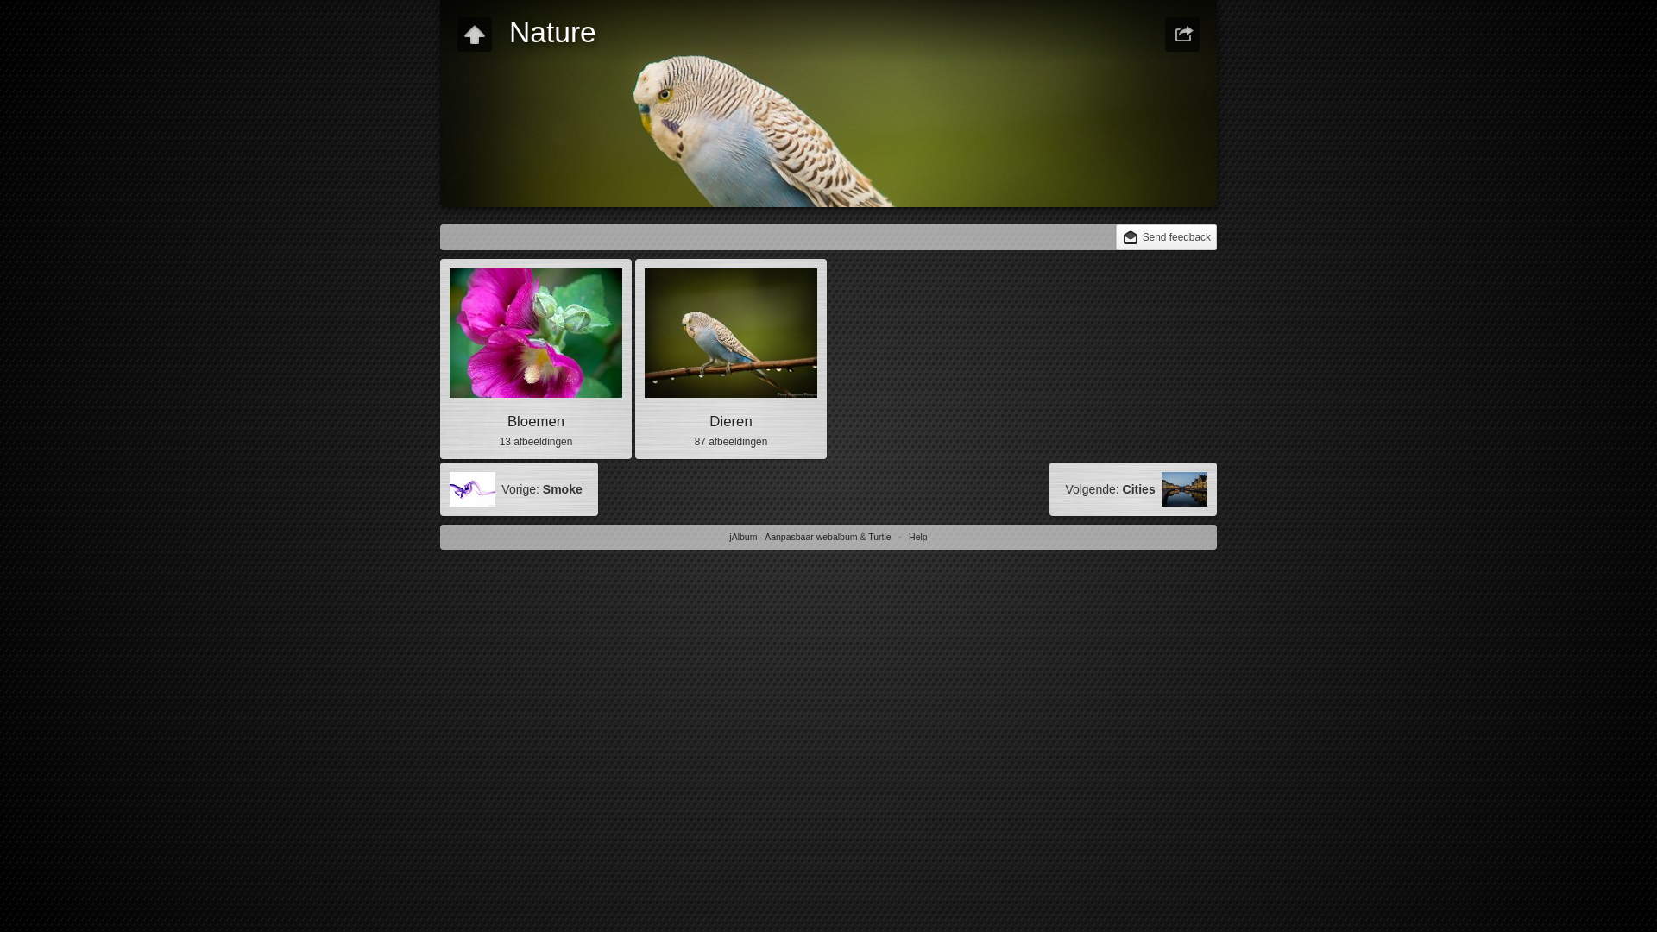 The width and height of the screenshot is (1657, 932). I want to click on 'Vorige: Smoke', so click(518, 489).